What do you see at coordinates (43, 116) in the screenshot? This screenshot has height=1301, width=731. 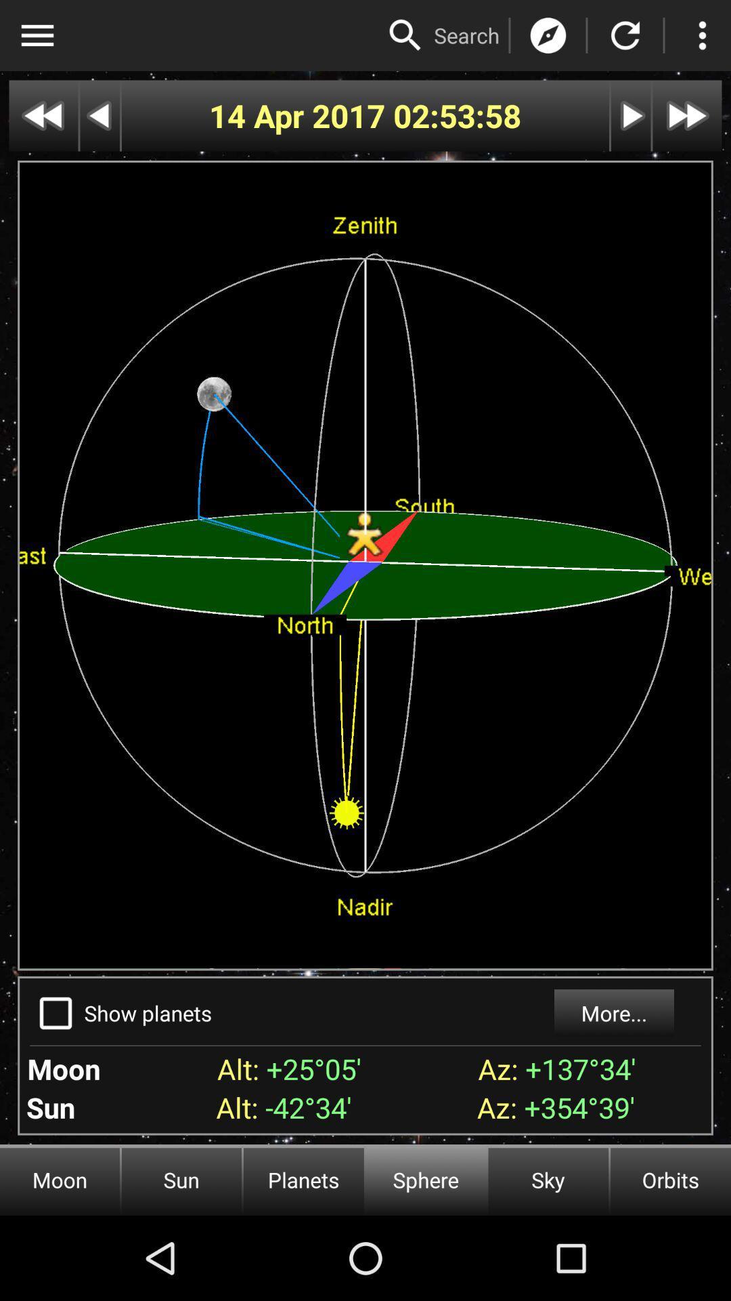 I see `previews` at bounding box center [43, 116].